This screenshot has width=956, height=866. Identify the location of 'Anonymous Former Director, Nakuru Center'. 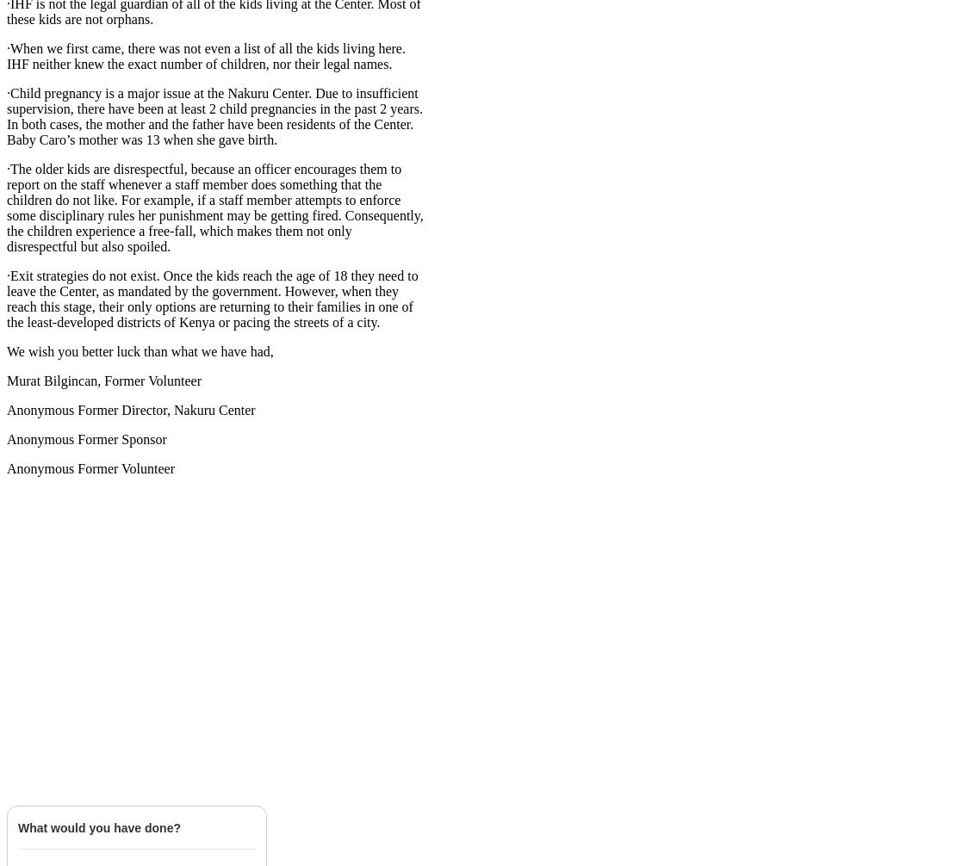
(130, 408).